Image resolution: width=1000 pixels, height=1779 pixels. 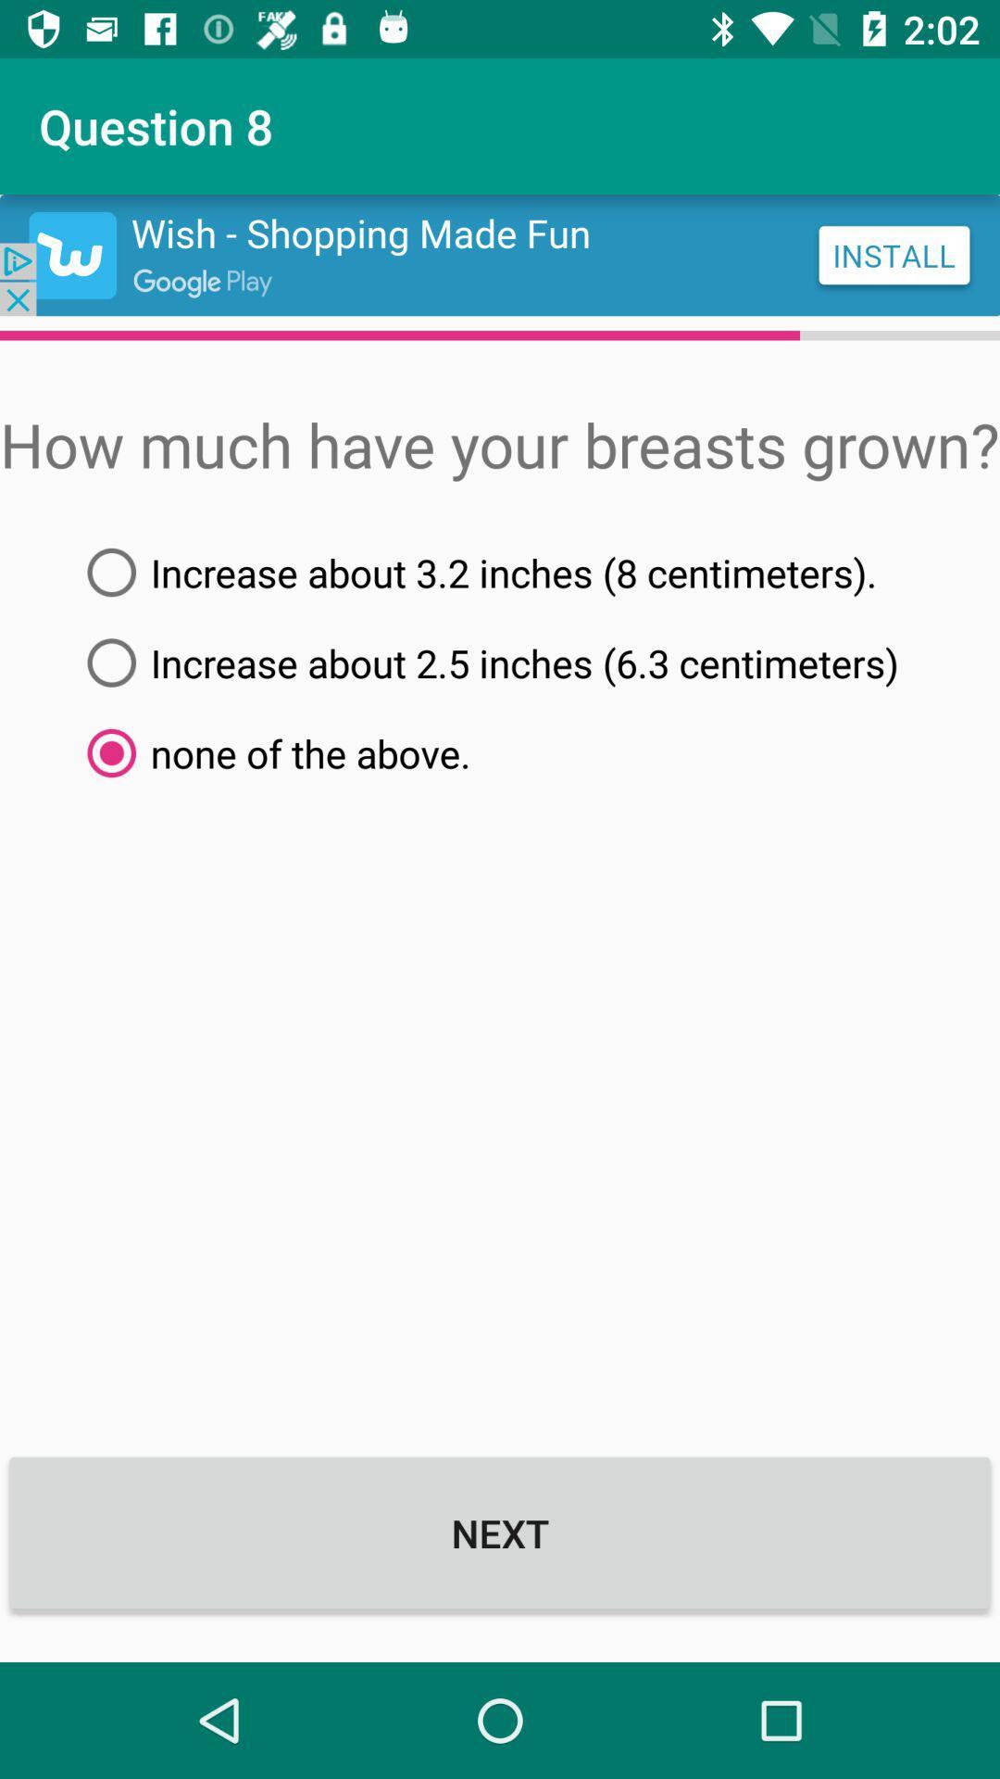 I want to click on banner advertisement, so click(x=500, y=254).